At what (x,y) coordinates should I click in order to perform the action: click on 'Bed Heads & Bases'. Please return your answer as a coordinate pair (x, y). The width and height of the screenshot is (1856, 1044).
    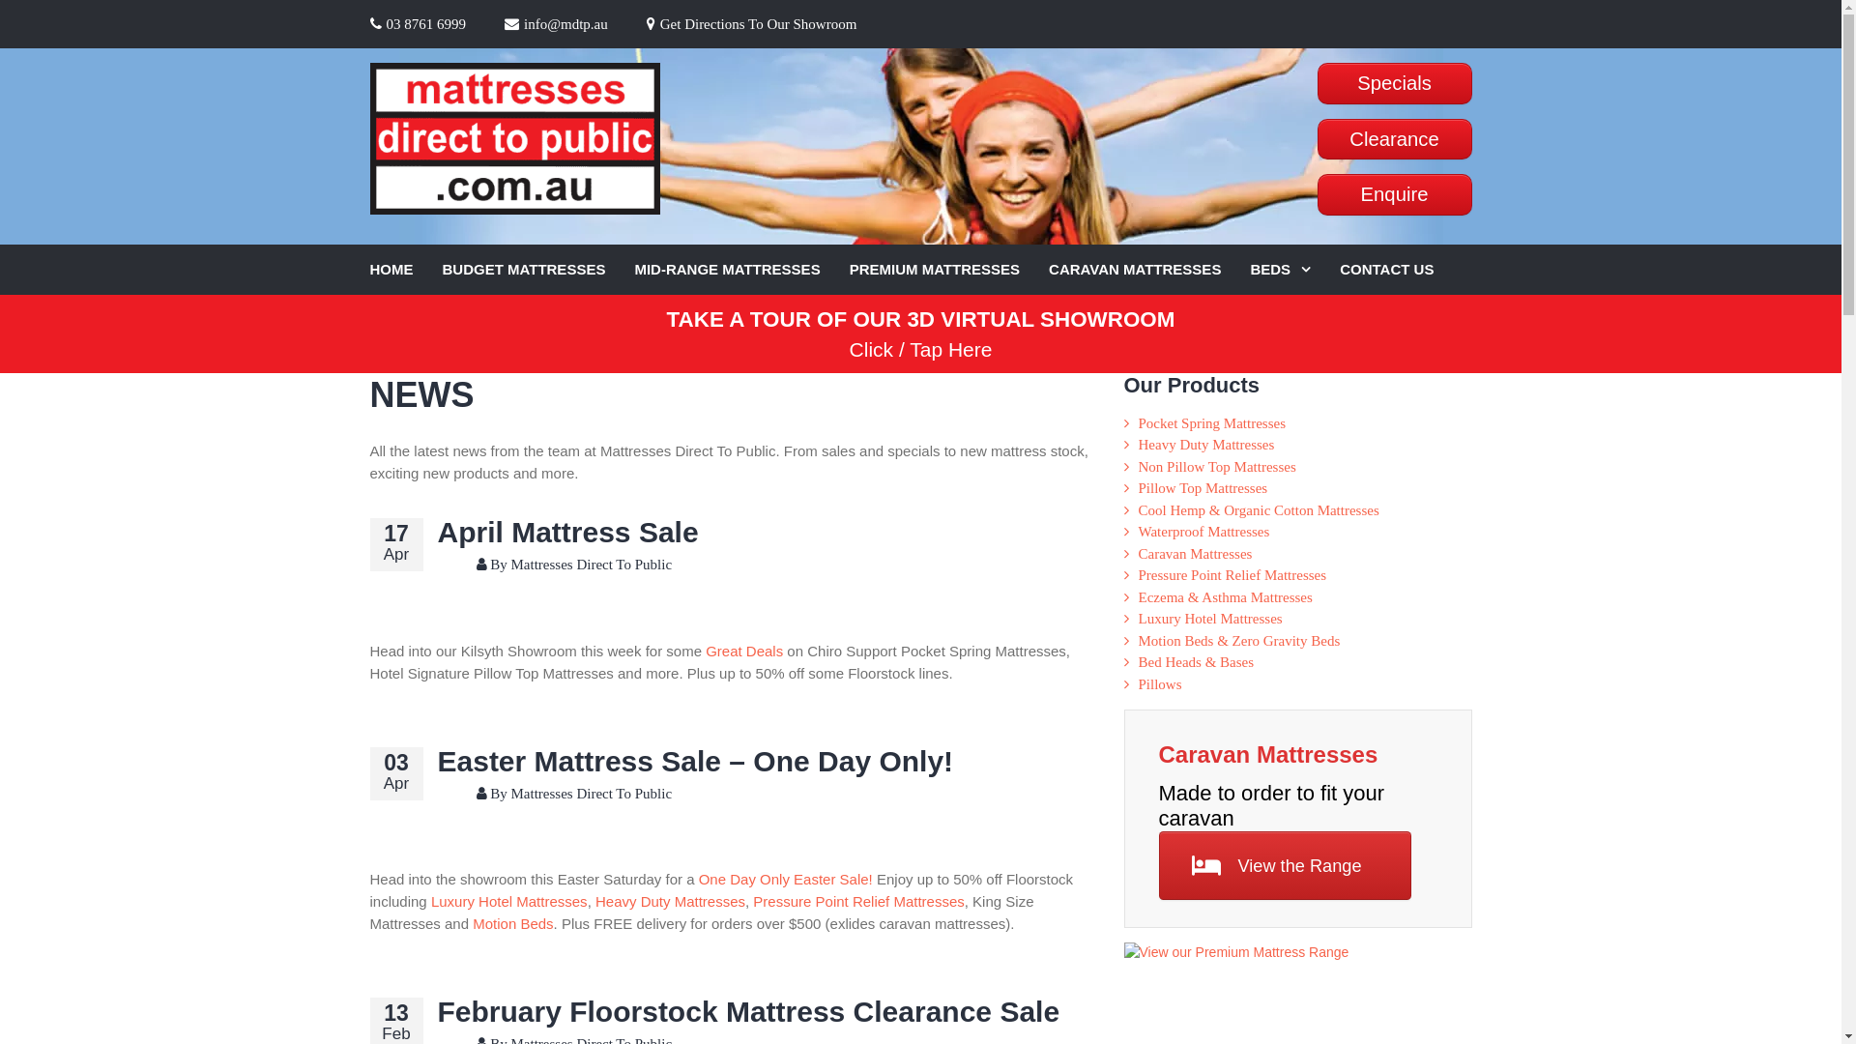
    Looking at the image, I should click on (1196, 661).